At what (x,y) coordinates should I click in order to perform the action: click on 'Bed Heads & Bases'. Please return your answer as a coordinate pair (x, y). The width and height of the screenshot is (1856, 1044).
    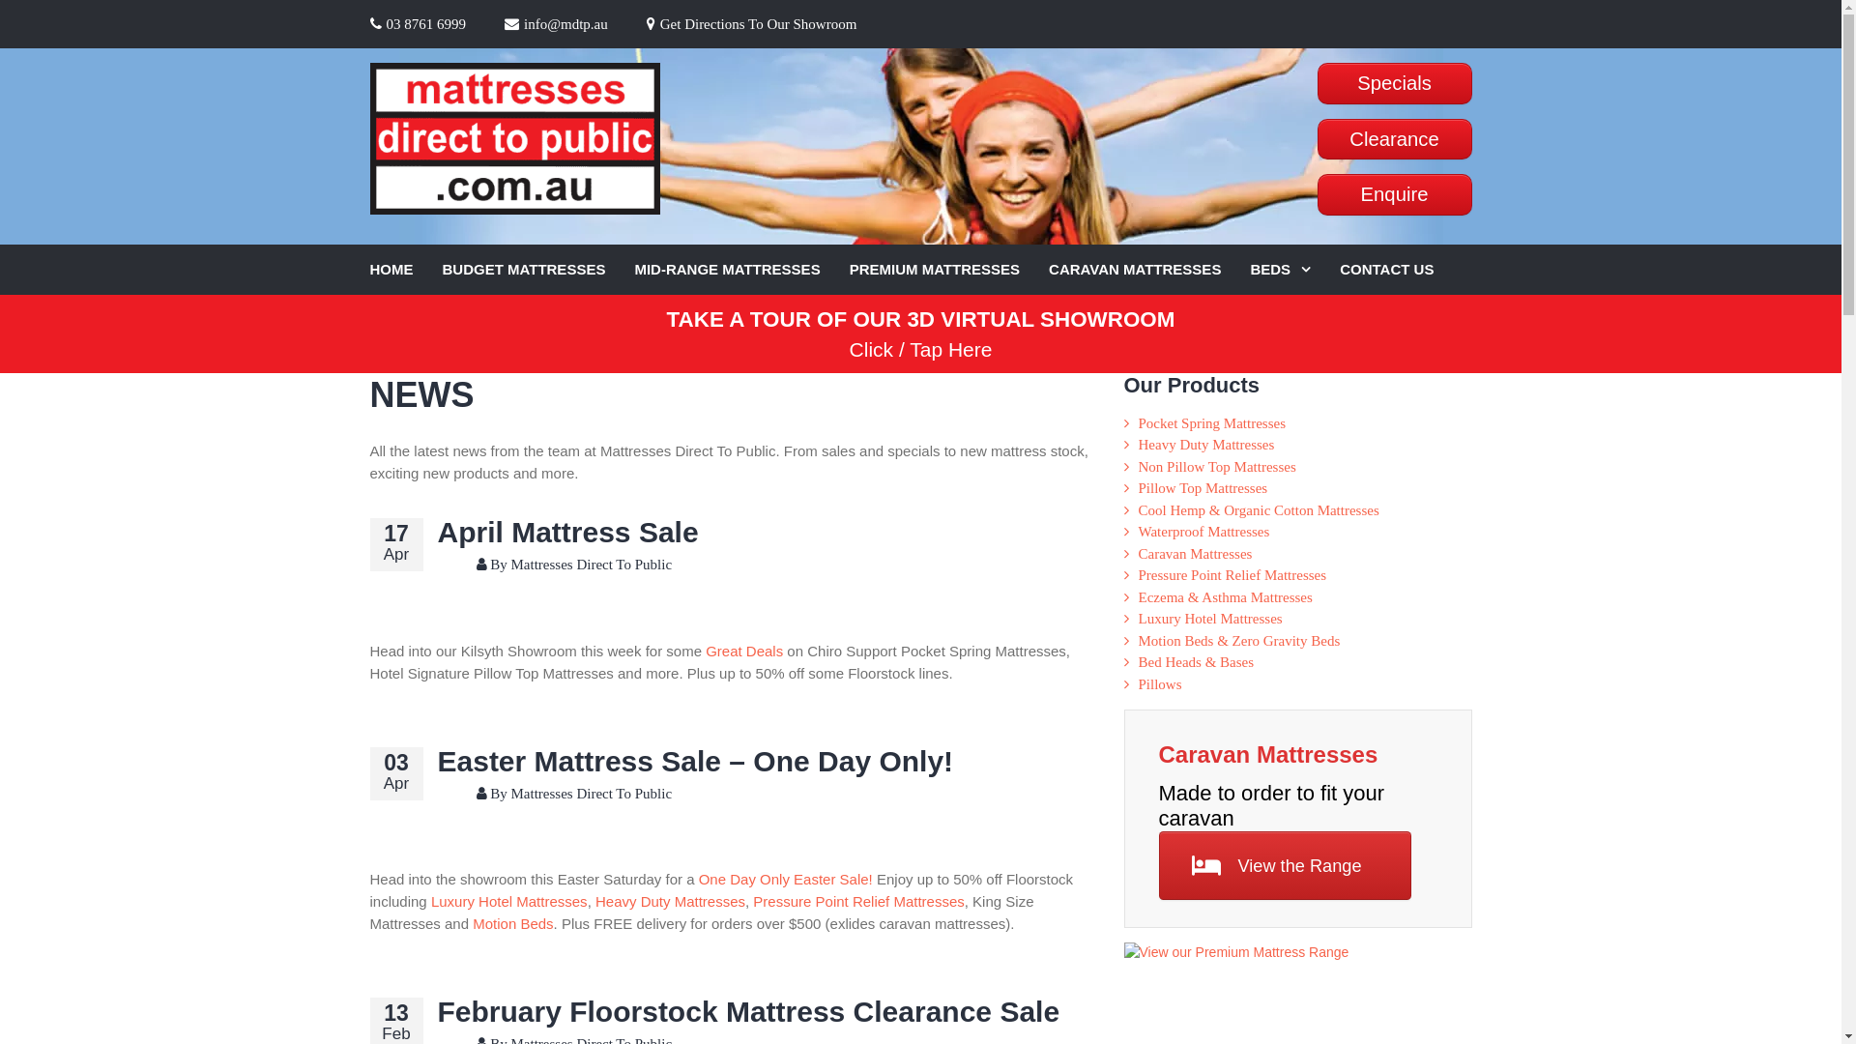
    Looking at the image, I should click on (1196, 661).